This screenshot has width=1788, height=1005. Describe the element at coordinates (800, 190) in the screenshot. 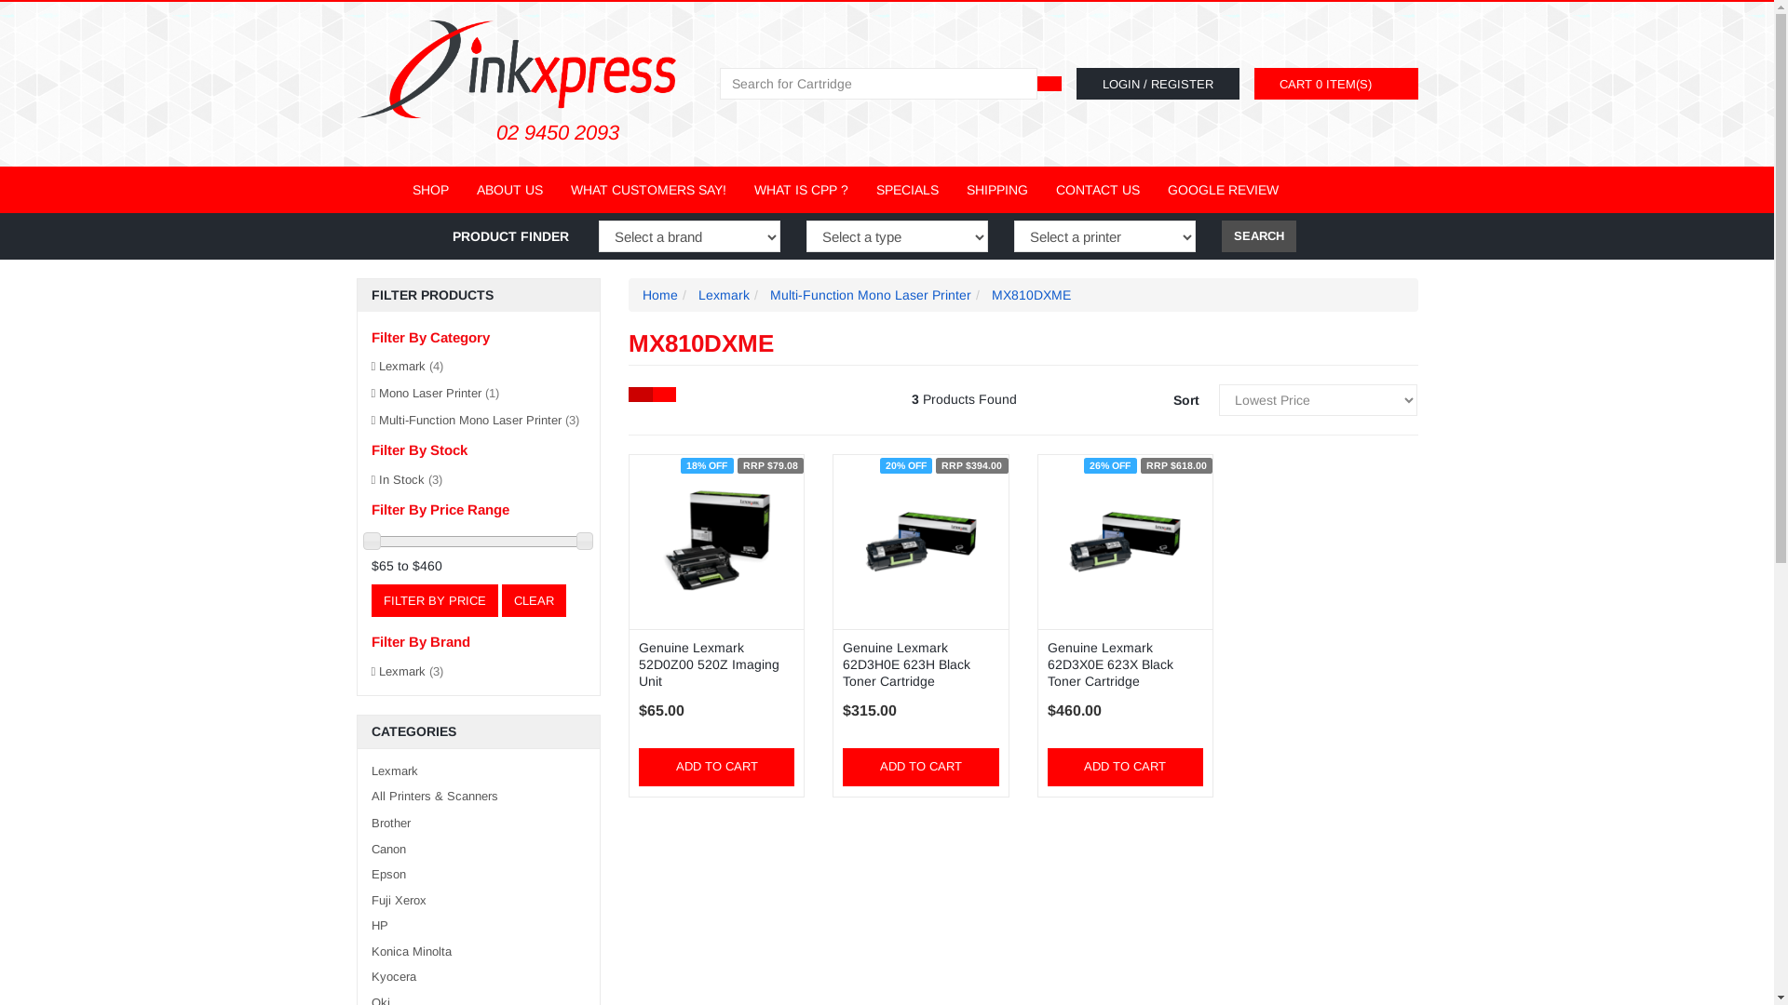

I see `'WHAT IS CPP ?'` at that location.